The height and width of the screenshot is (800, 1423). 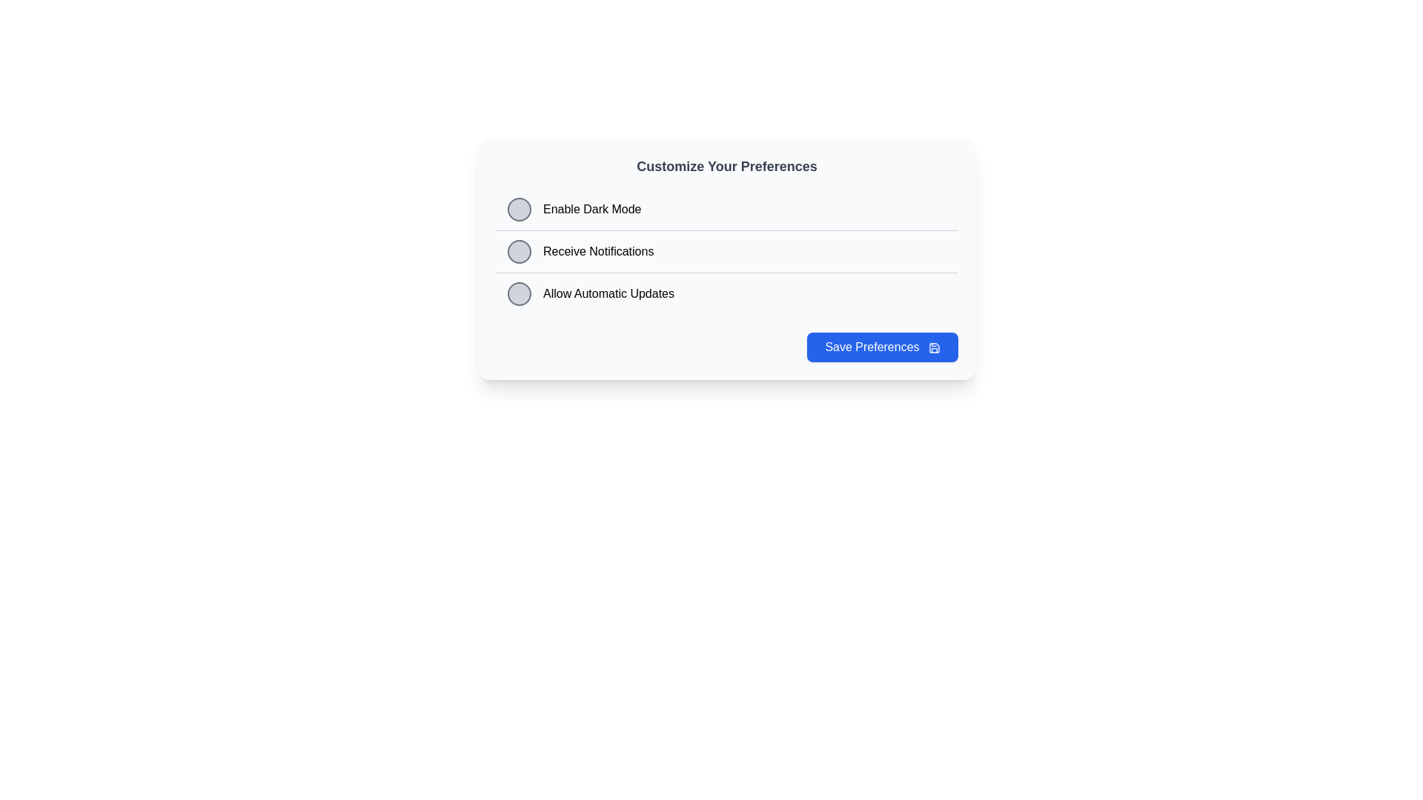 What do you see at coordinates (519, 250) in the screenshot?
I see `the radio button to the left of the text 'Receive Notifications'` at bounding box center [519, 250].